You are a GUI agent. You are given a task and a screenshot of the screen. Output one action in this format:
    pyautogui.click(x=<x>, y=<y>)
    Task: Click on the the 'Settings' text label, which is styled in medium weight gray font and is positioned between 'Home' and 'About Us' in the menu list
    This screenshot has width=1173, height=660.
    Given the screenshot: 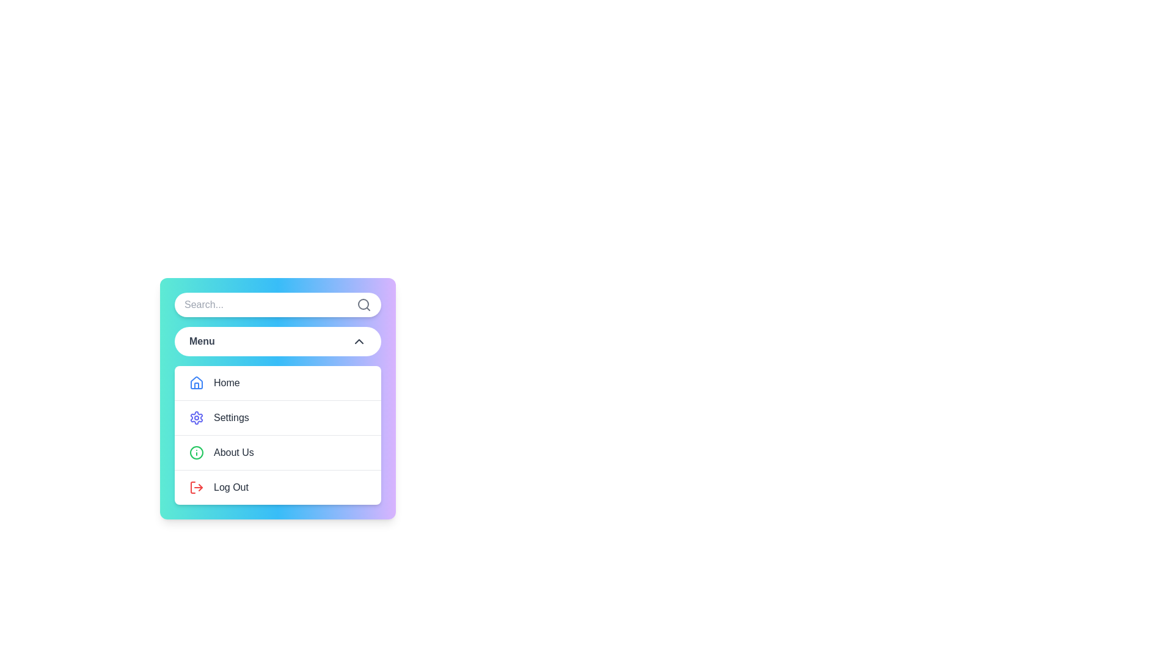 What is the action you would take?
    pyautogui.click(x=231, y=417)
    